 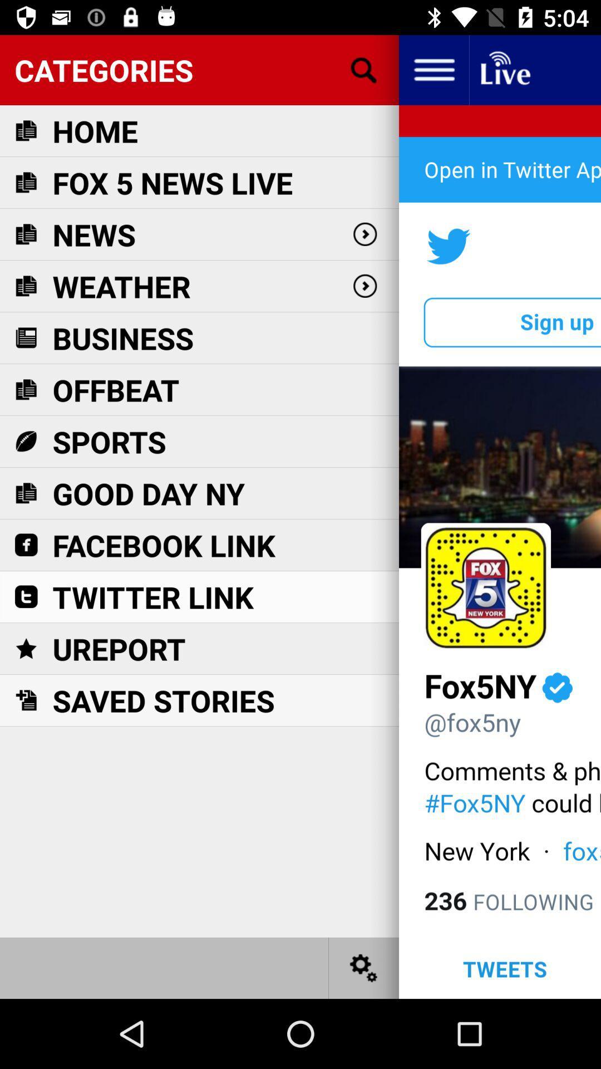 I want to click on change settings, so click(x=364, y=967).